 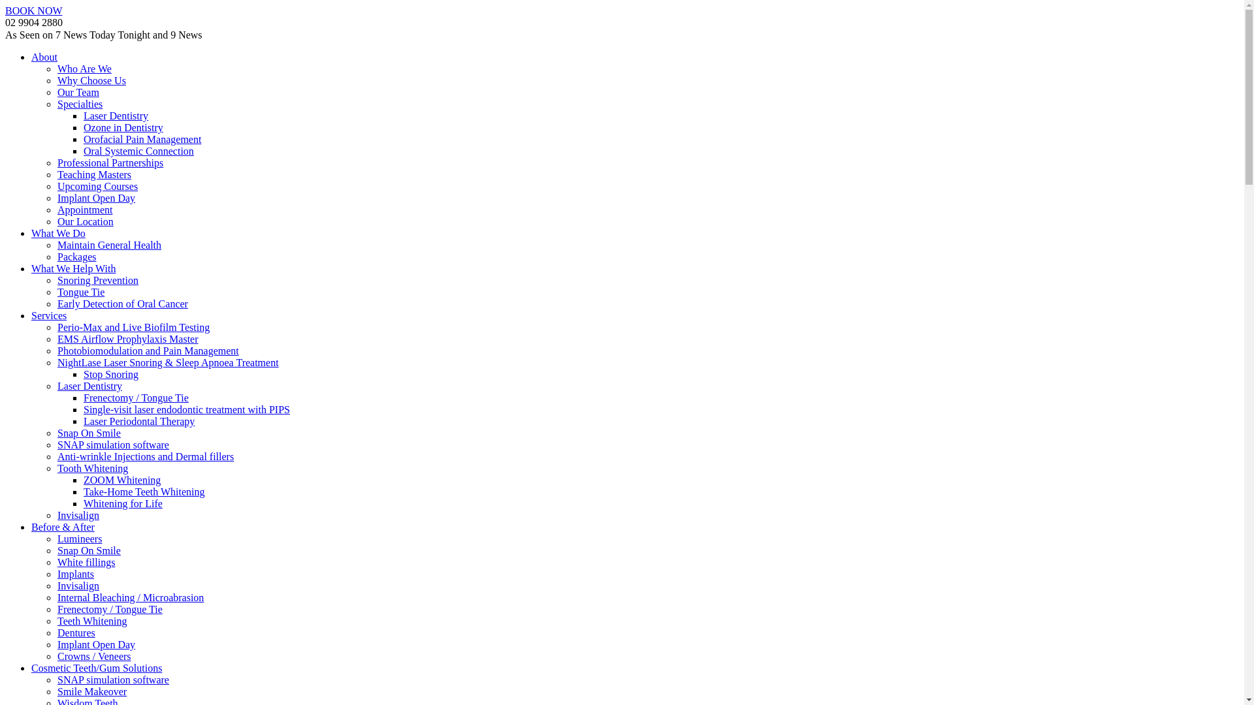 I want to click on 'Laser Periodontal Therapy', so click(x=83, y=421).